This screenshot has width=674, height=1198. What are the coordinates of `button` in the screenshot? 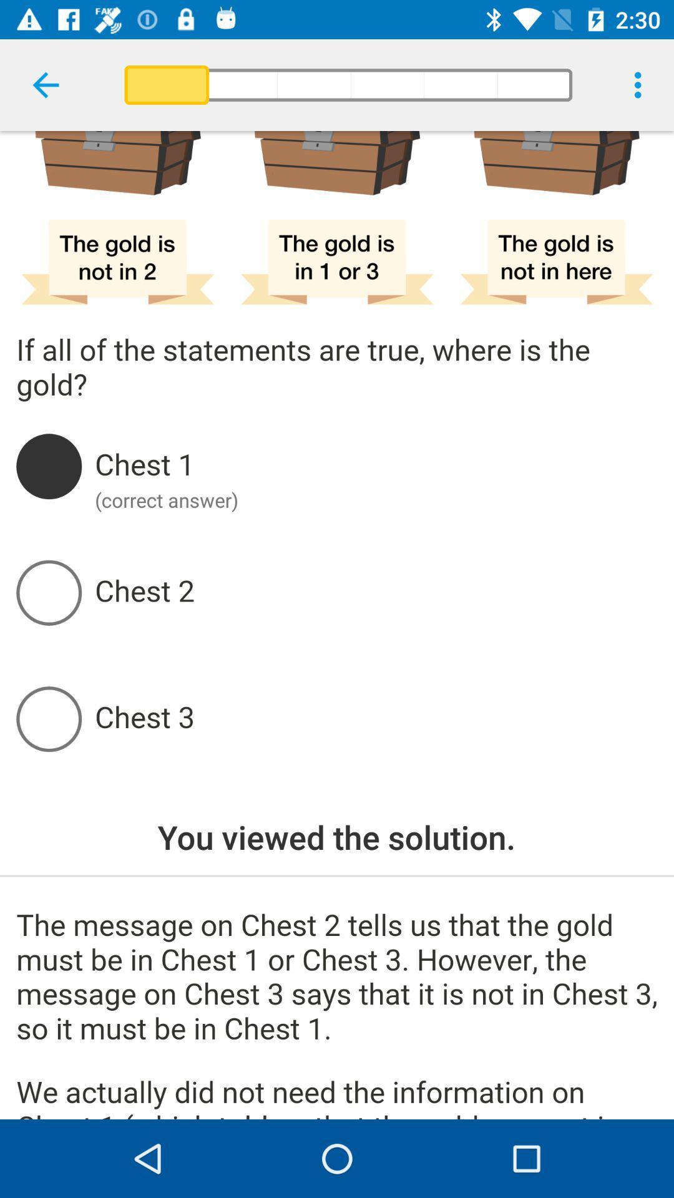 It's located at (375, 592).